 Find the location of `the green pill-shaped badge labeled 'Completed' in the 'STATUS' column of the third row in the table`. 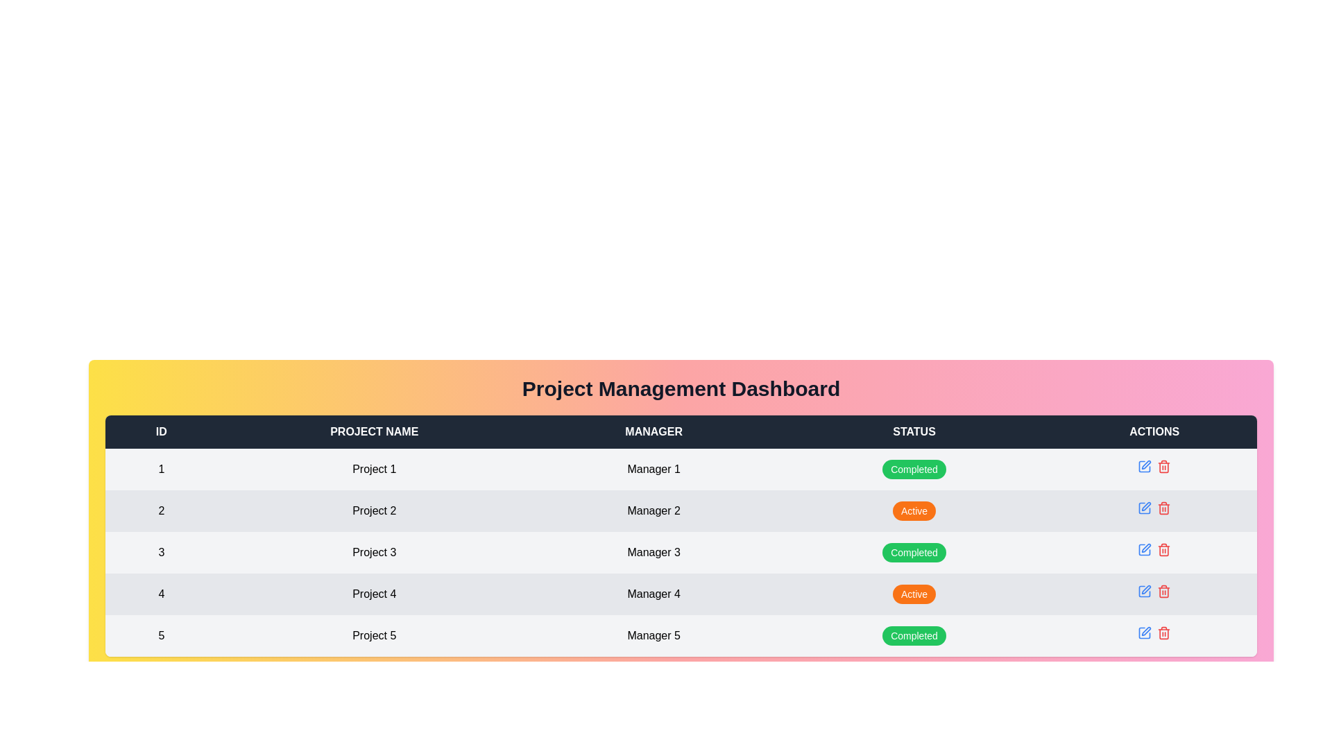

the green pill-shaped badge labeled 'Completed' in the 'STATUS' column of the third row in the table is located at coordinates (914, 552).